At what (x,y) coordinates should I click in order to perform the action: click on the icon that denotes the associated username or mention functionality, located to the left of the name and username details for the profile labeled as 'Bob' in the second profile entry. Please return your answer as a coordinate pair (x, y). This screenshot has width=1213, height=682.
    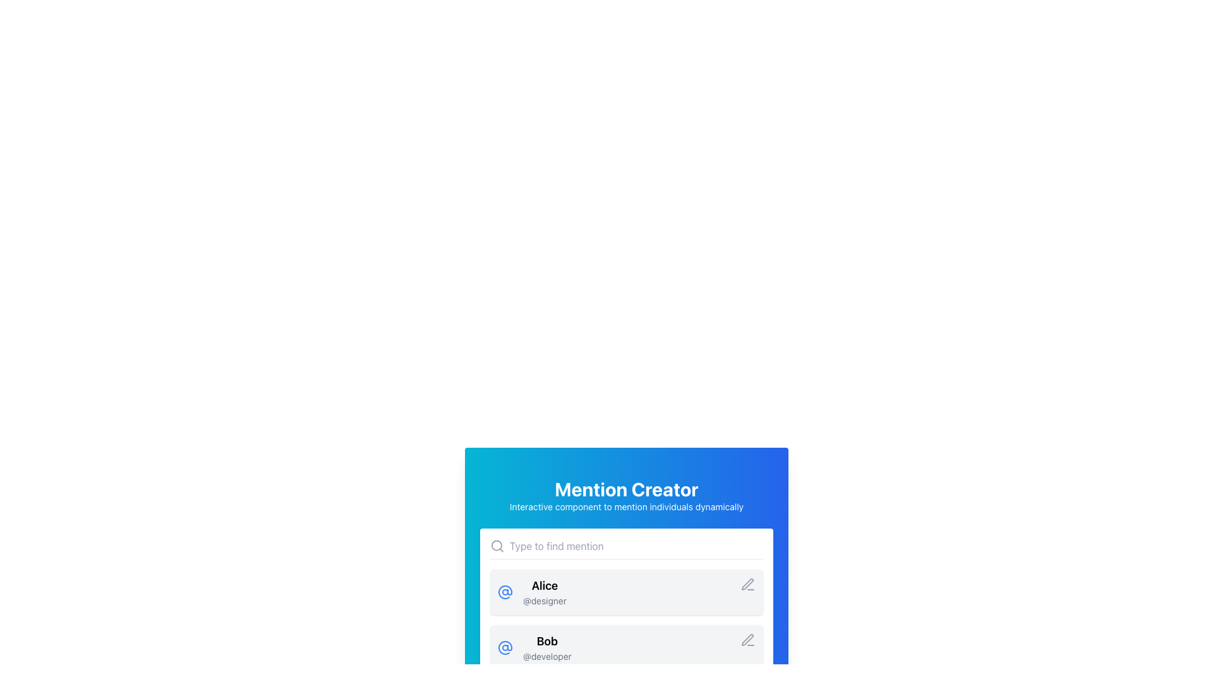
    Looking at the image, I should click on (505, 592).